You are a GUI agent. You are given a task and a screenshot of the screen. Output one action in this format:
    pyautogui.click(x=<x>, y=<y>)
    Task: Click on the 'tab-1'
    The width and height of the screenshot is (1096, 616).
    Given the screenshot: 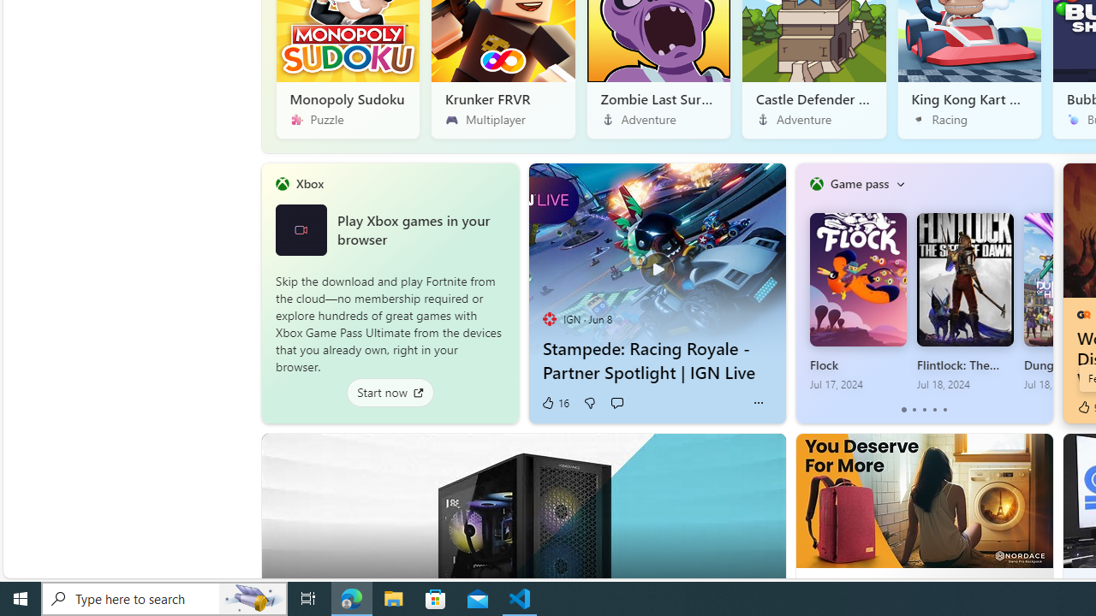 What is the action you would take?
    pyautogui.click(x=913, y=410)
    